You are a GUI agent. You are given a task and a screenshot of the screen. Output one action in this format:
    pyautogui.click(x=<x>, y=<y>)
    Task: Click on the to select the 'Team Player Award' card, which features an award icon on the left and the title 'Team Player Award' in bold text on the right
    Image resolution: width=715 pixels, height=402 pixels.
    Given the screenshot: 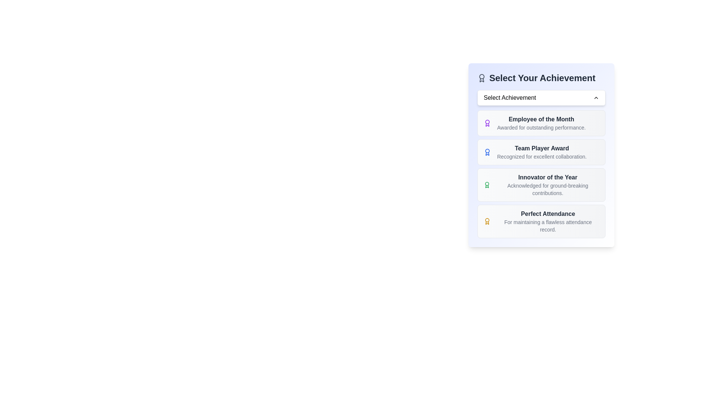 What is the action you would take?
    pyautogui.click(x=541, y=151)
    